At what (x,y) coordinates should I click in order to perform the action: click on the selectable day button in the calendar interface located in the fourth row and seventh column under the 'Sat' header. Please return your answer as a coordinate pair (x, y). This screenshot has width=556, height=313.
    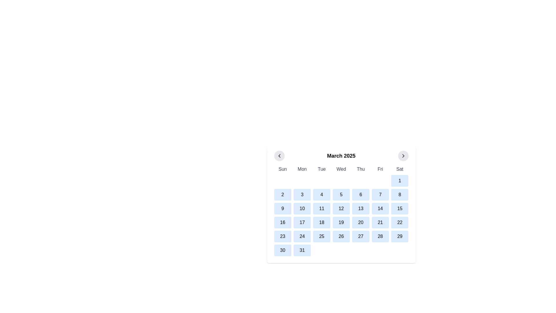
    Looking at the image, I should click on (399, 209).